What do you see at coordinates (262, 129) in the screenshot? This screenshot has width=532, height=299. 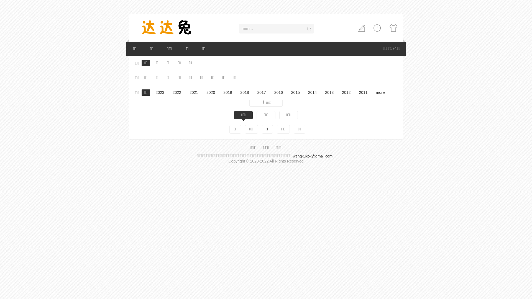 I see `'1'` at bounding box center [262, 129].